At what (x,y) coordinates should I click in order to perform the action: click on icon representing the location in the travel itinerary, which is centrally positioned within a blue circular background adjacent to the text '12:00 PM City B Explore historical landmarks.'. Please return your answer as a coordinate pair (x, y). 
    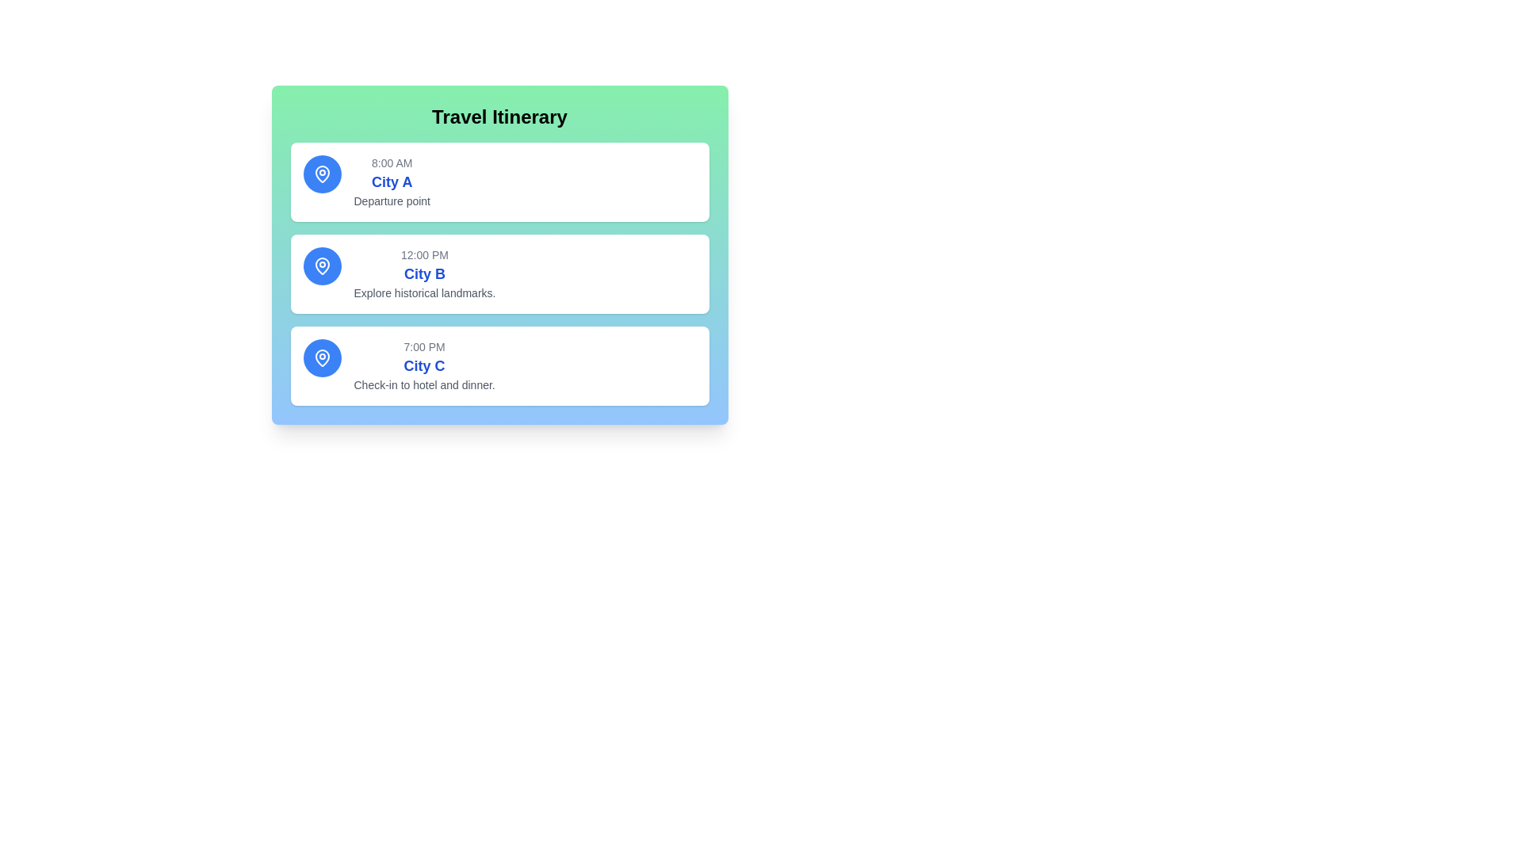
    Looking at the image, I should click on (321, 265).